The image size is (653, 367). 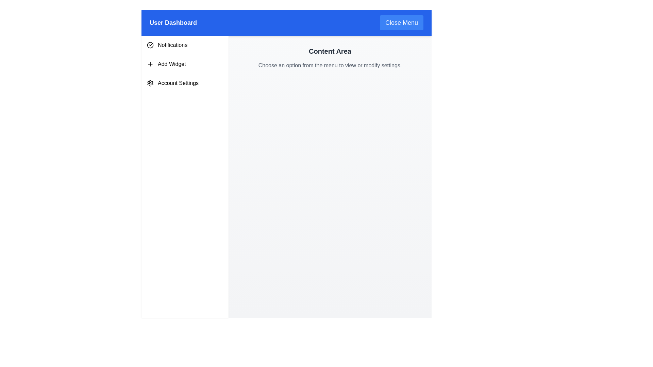 What do you see at coordinates (330, 51) in the screenshot?
I see `the static text element displaying 'Content Area' in a bold, large font at the top right of the main content area` at bounding box center [330, 51].